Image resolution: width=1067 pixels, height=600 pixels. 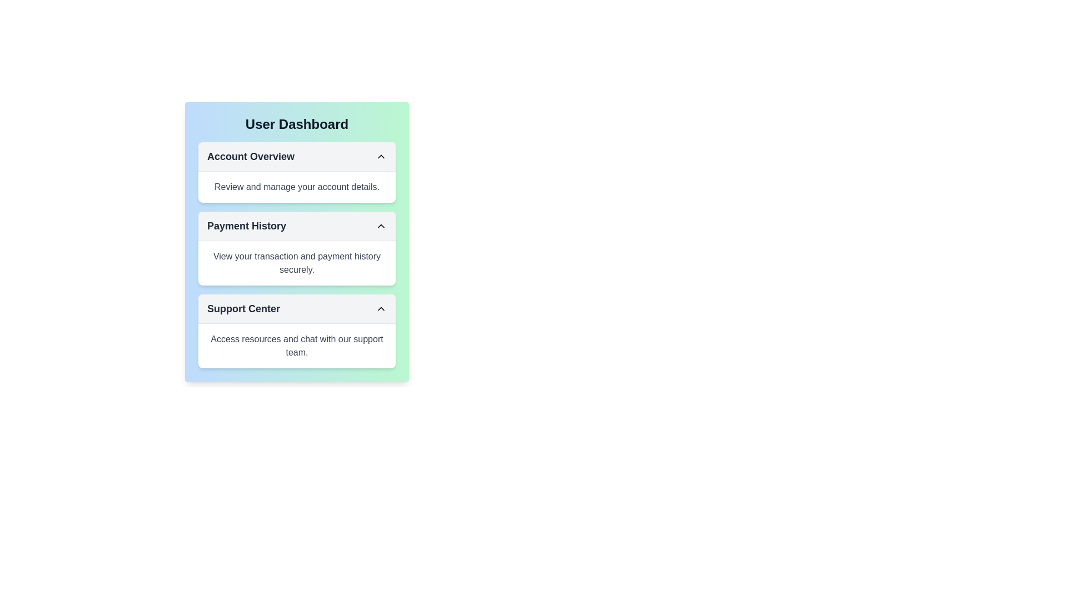 What do you see at coordinates (297, 346) in the screenshot?
I see `the informational text element in the 'Support Center' section of the User Dashboard, which provides guidance about the services offered` at bounding box center [297, 346].